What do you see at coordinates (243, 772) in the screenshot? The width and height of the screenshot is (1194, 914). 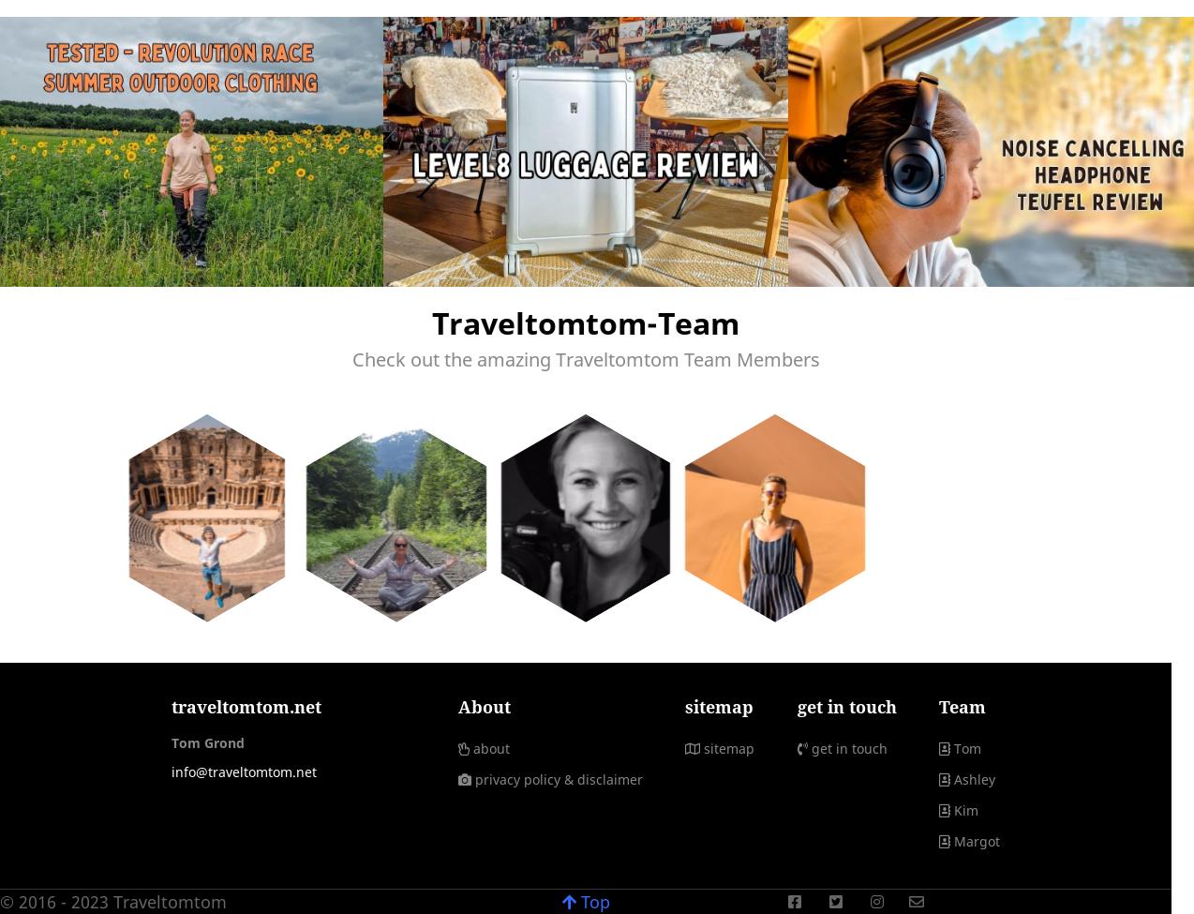 I see `'info@traveltomtom.net'` at bounding box center [243, 772].